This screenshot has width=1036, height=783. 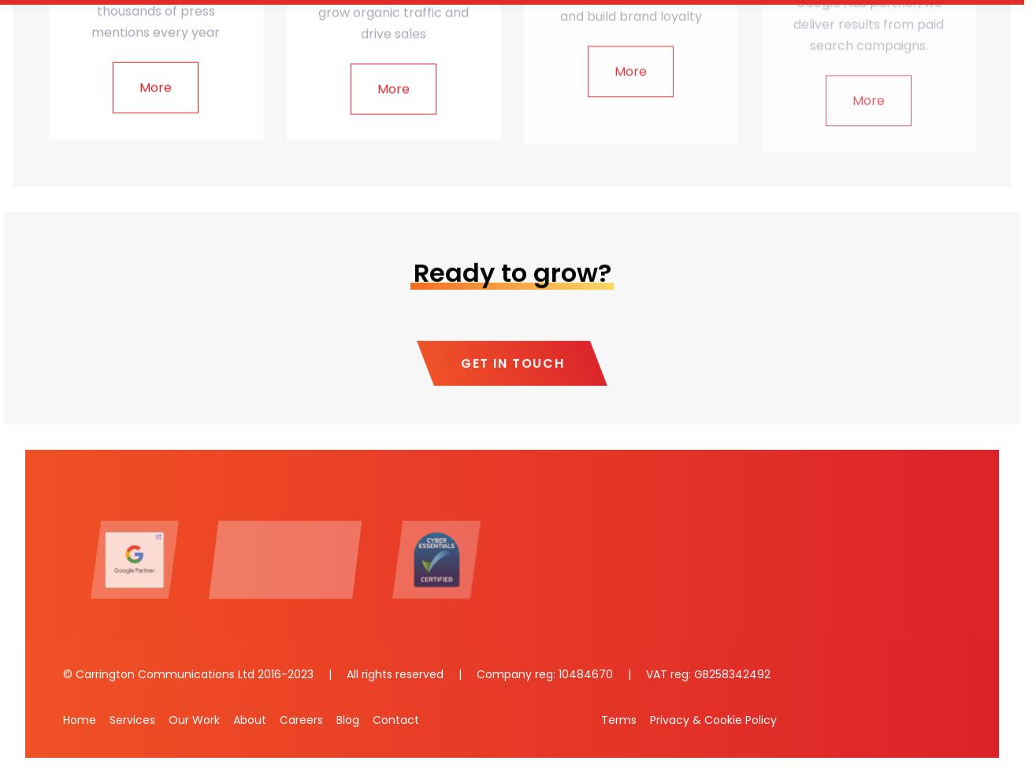 What do you see at coordinates (347, 718) in the screenshot?
I see `'Blog'` at bounding box center [347, 718].